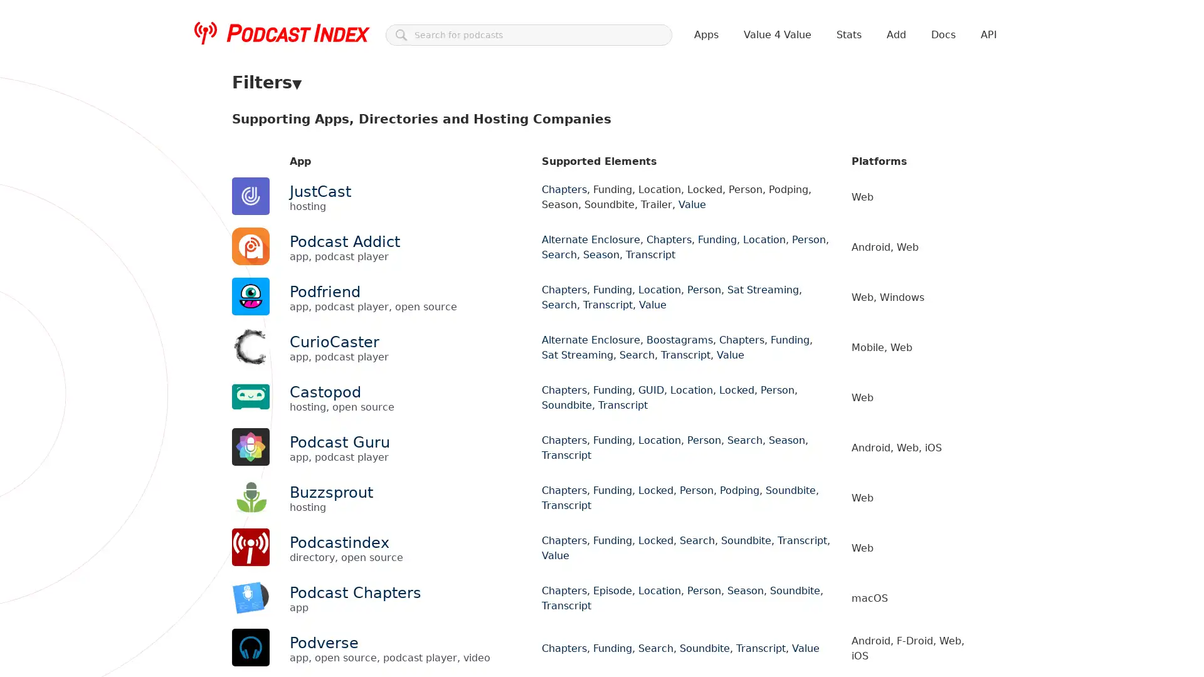 The image size is (1204, 677). I want to click on Windows, so click(290, 282).